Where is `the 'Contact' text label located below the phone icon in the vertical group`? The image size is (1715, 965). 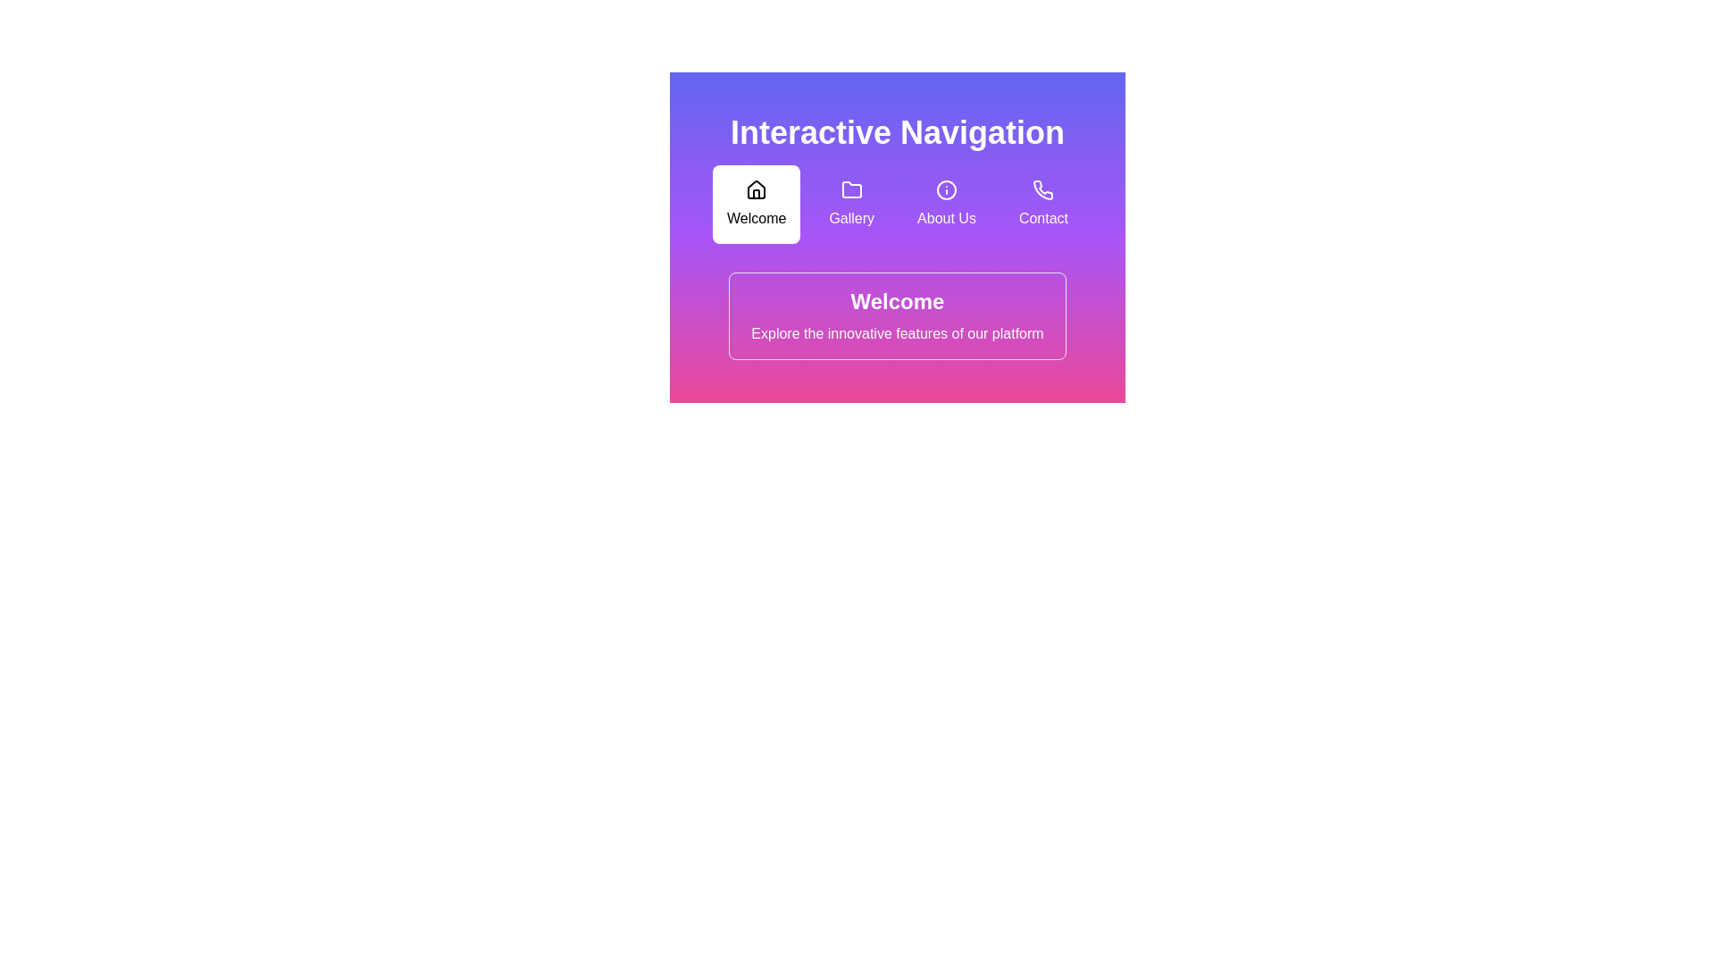 the 'Contact' text label located below the phone icon in the vertical group is located at coordinates (1043, 218).